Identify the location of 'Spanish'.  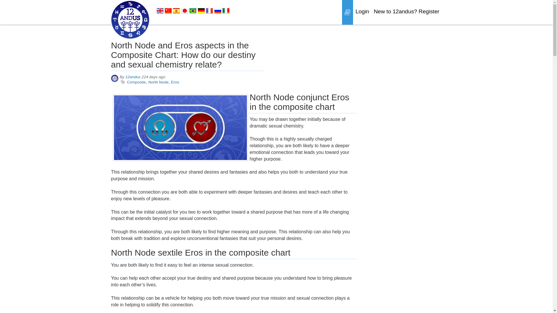
(172, 10).